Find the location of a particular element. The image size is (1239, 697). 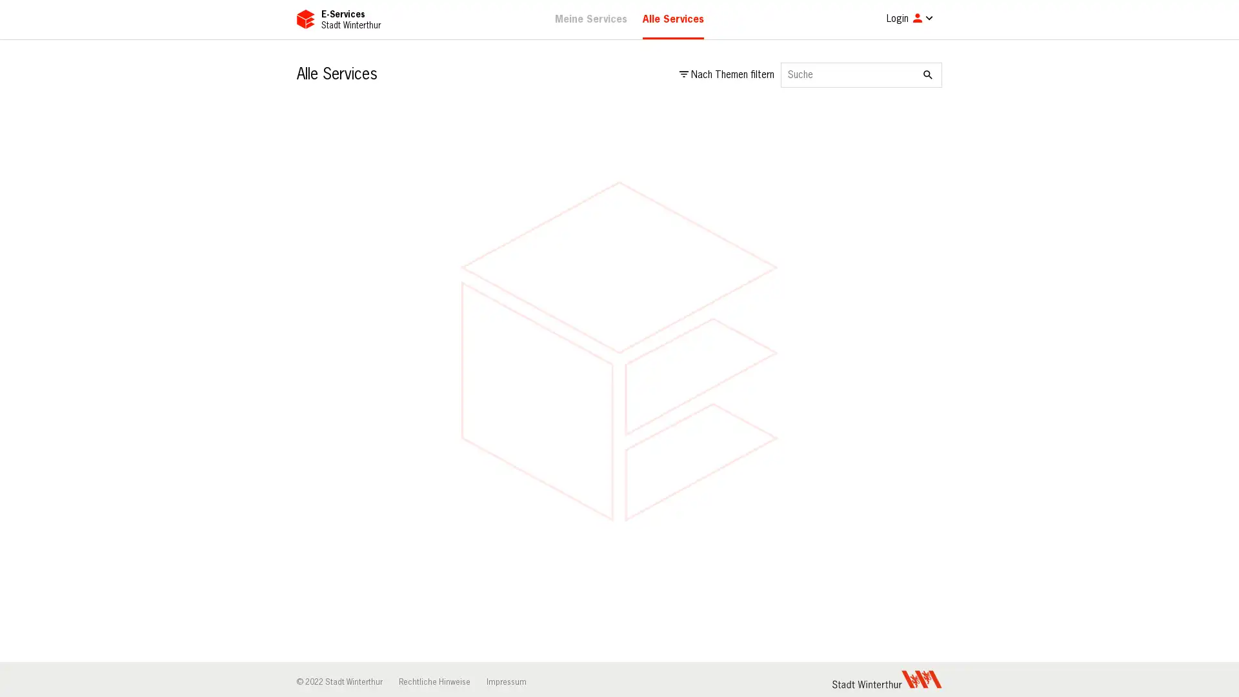

Service Besuch bei Stadtwerk Winterthur zu Meine Services hinzufugen is located at coordinates (703, 678).